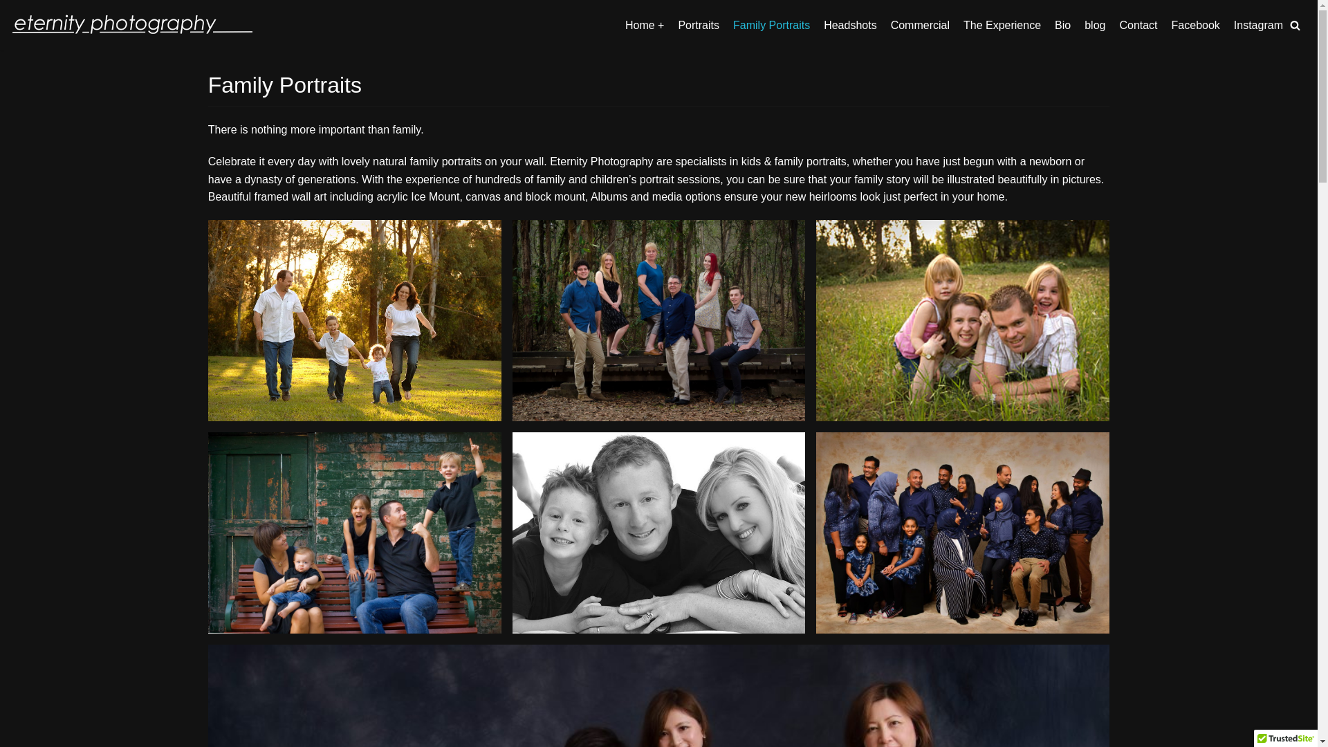  What do you see at coordinates (962, 26) in the screenshot?
I see `'The Experience'` at bounding box center [962, 26].